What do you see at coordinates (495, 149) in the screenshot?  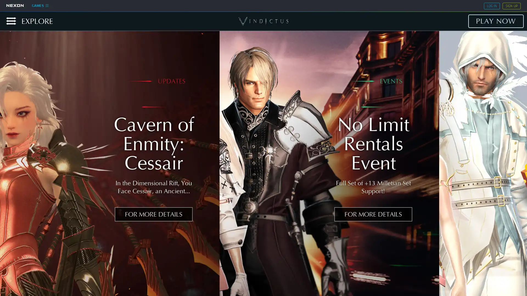 I see `Next` at bounding box center [495, 149].